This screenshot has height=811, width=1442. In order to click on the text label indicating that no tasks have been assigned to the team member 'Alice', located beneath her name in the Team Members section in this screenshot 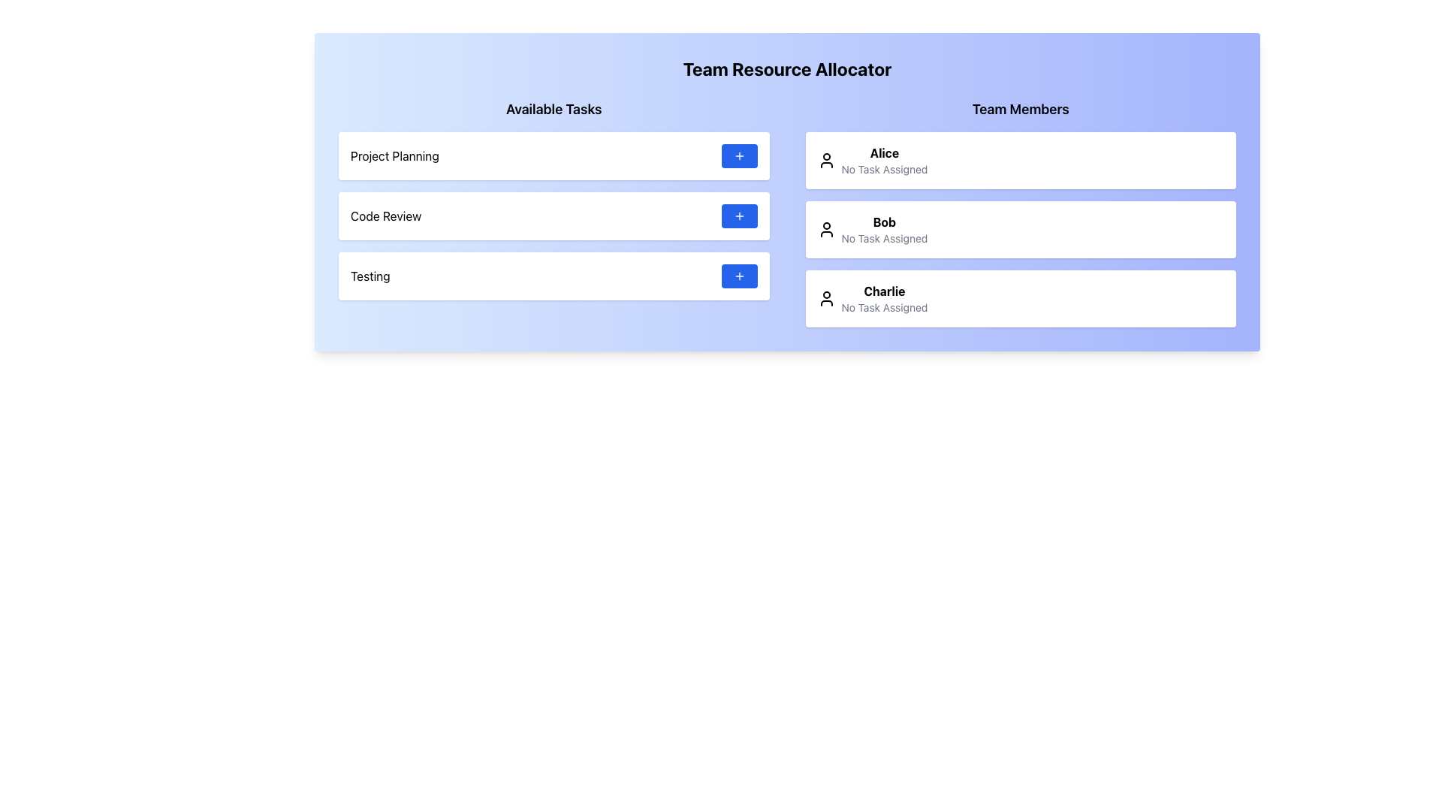, I will do `click(884, 169)`.